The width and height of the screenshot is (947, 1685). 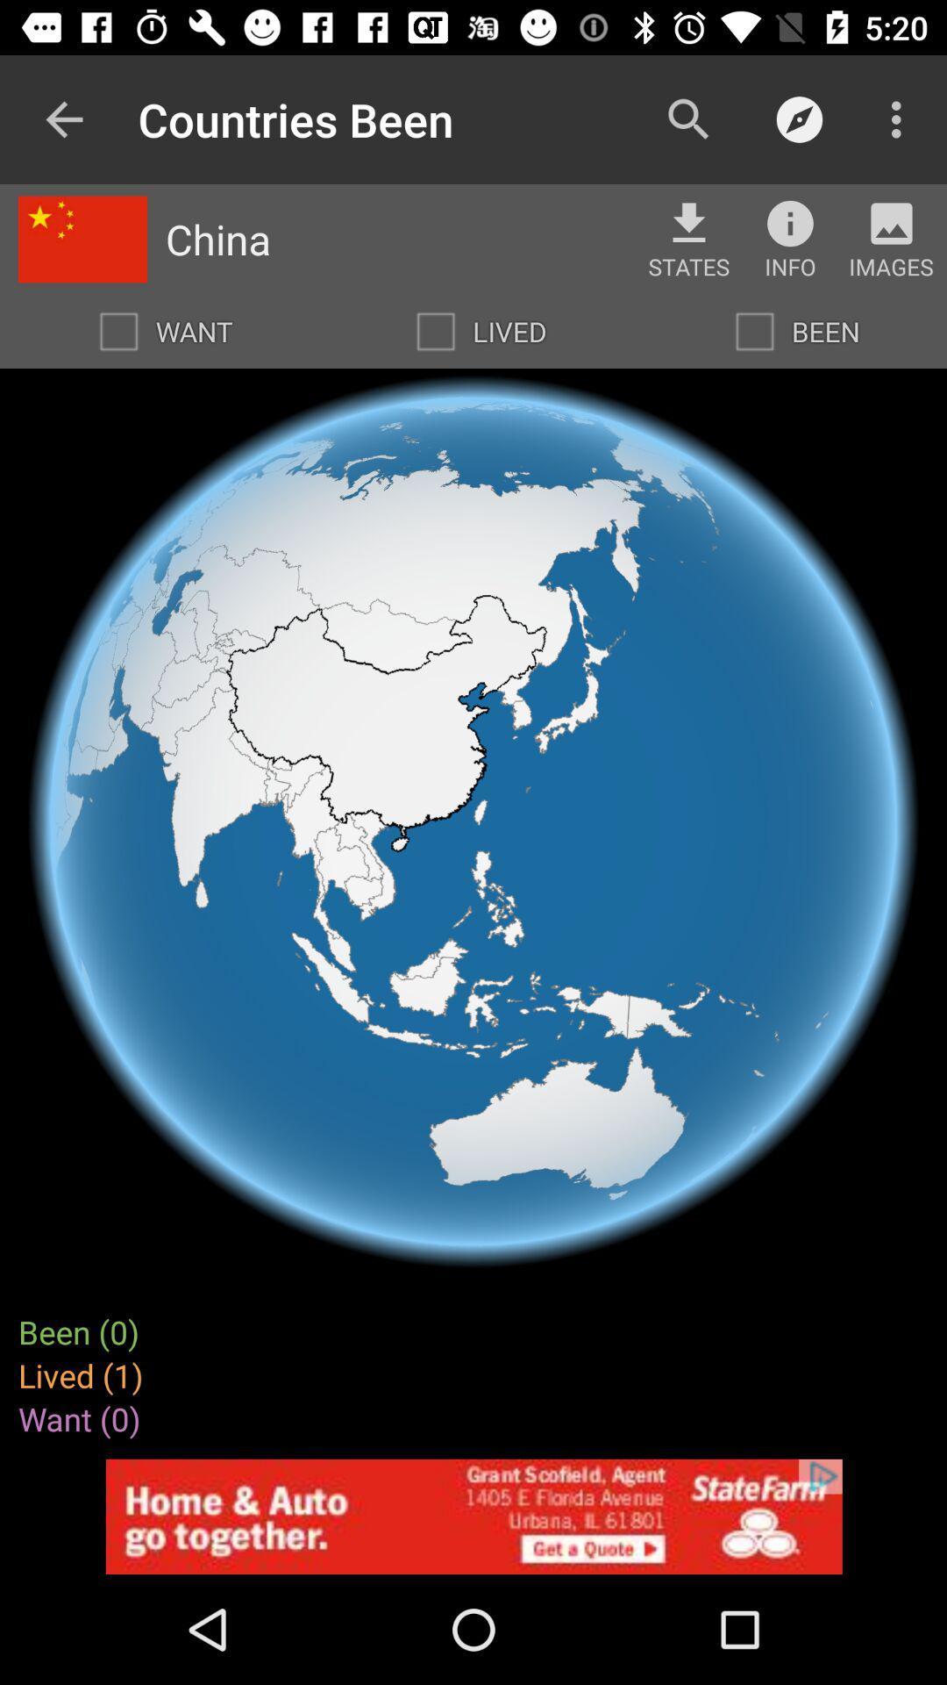 What do you see at coordinates (473, 1516) in the screenshot?
I see `advertising` at bounding box center [473, 1516].